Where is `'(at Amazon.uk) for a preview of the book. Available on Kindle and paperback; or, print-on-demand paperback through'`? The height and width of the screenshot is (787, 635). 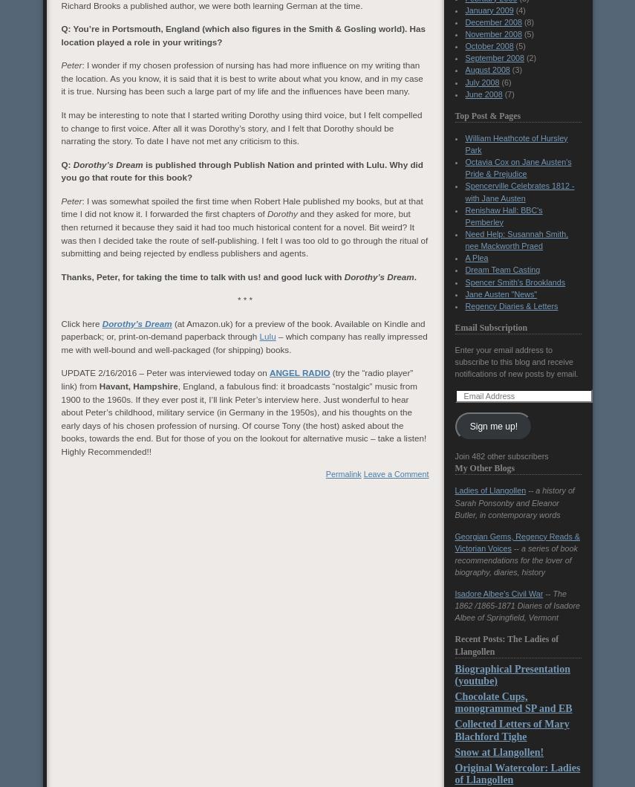
'(at Amazon.uk) for a preview of the book. Available on Kindle and paperback; or, print-on-demand paperback through' is located at coordinates (60, 329).